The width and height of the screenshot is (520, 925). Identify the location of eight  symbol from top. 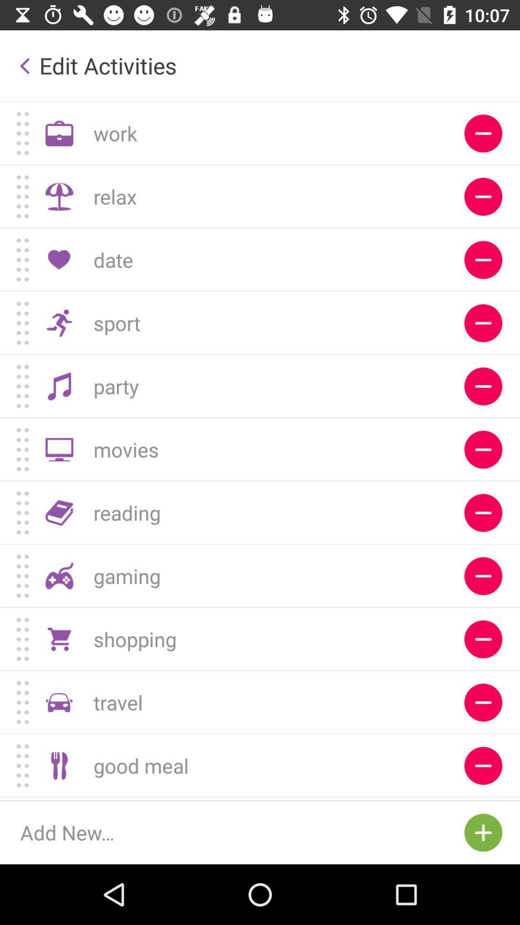
(483, 576).